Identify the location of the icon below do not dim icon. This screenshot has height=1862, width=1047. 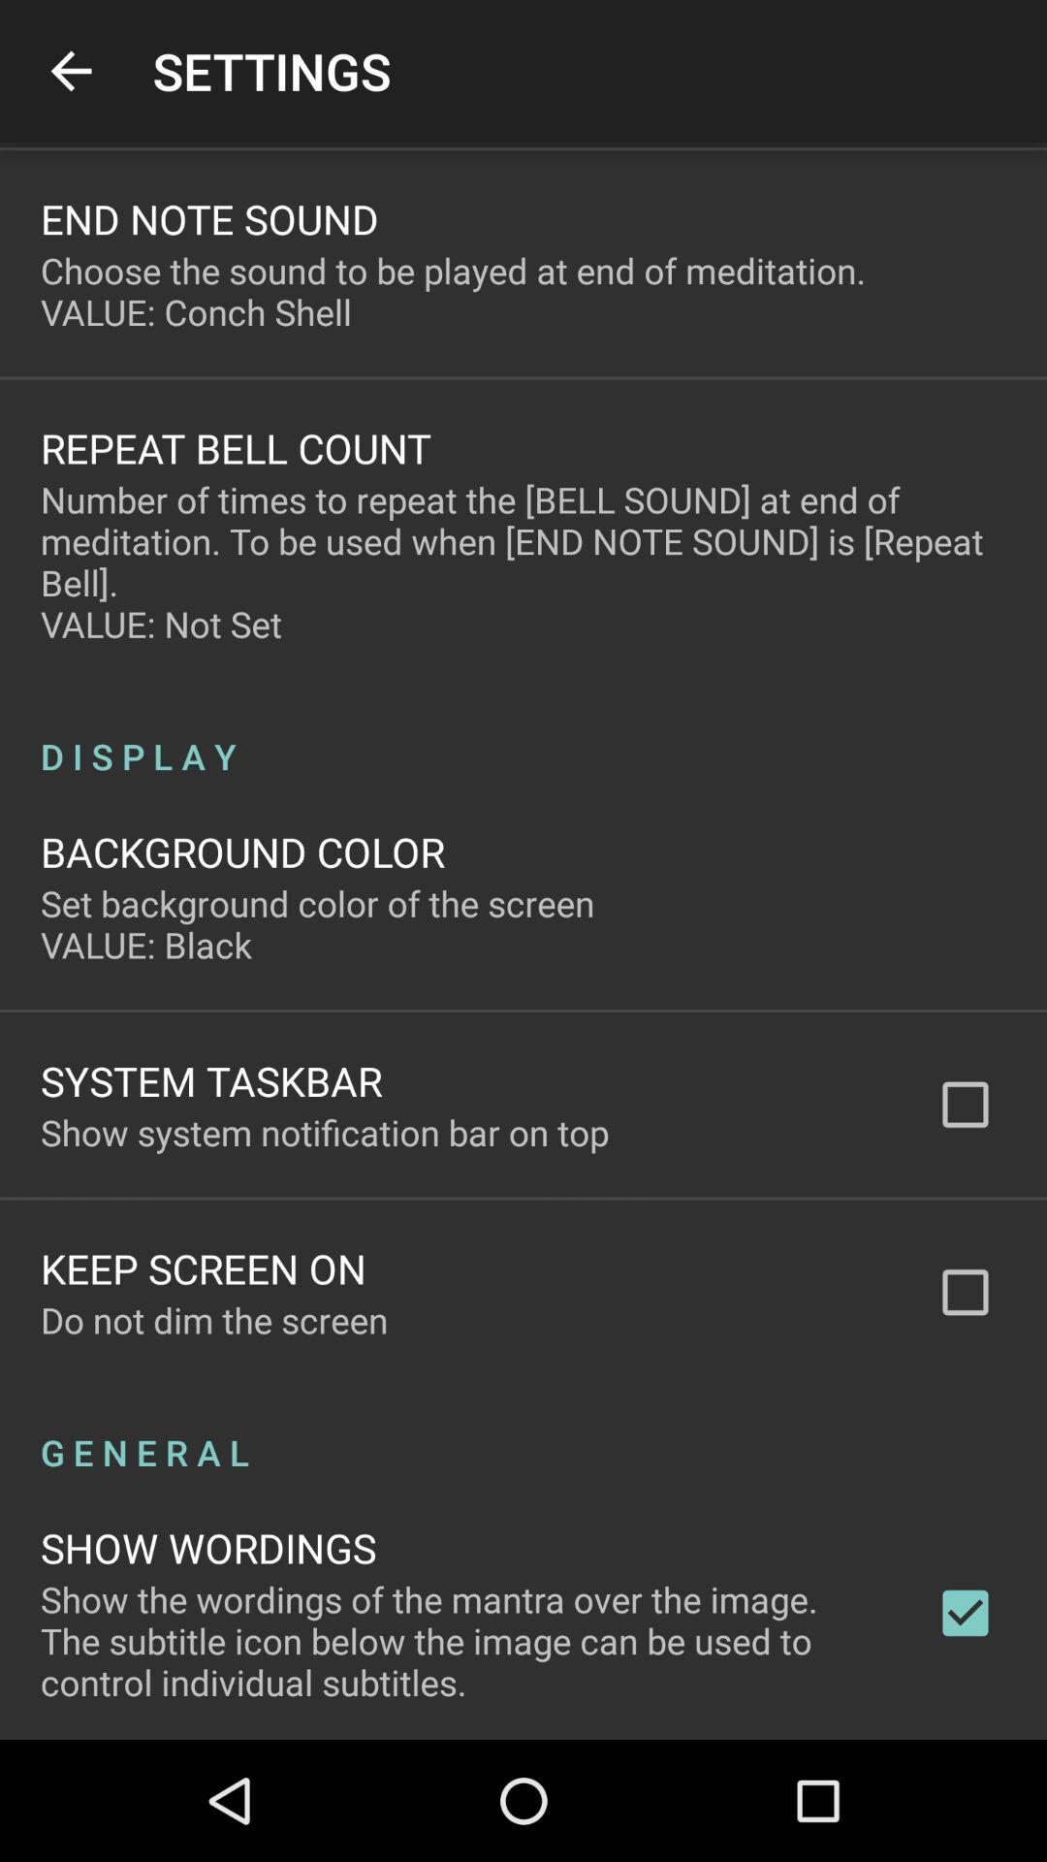
(523, 1431).